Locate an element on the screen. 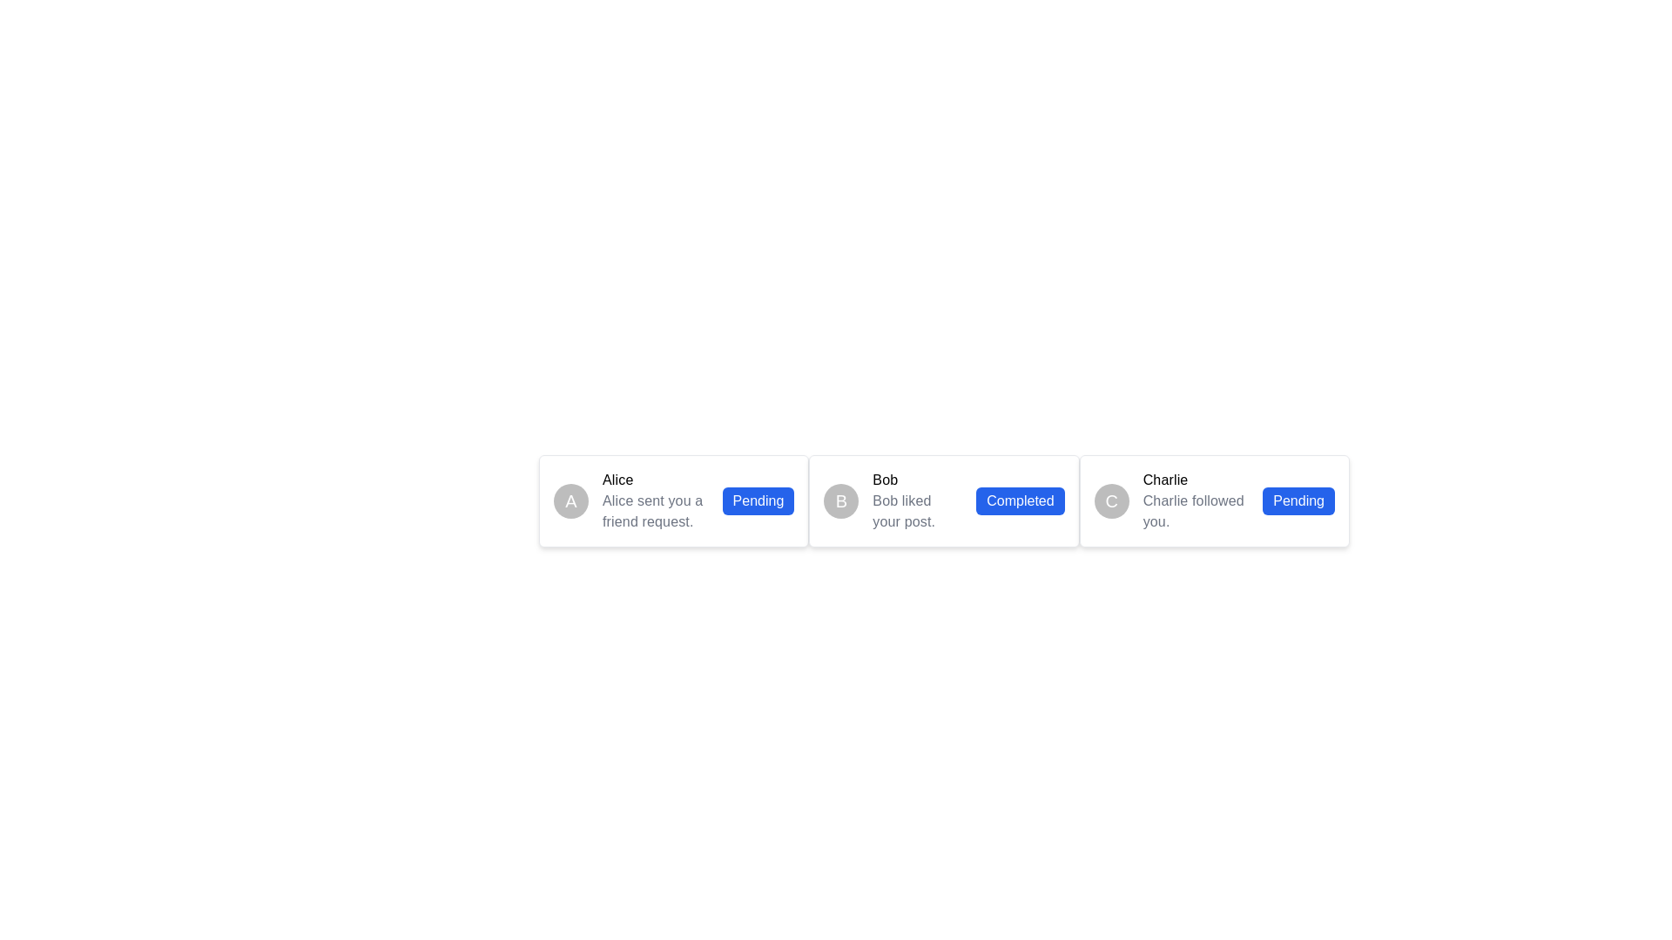 This screenshot has width=1672, height=940. the Notification Card that features an avatar with 'A', the name 'Alice' in bold, and the message 'Alice sent you a friend request.' is located at coordinates (673, 500).